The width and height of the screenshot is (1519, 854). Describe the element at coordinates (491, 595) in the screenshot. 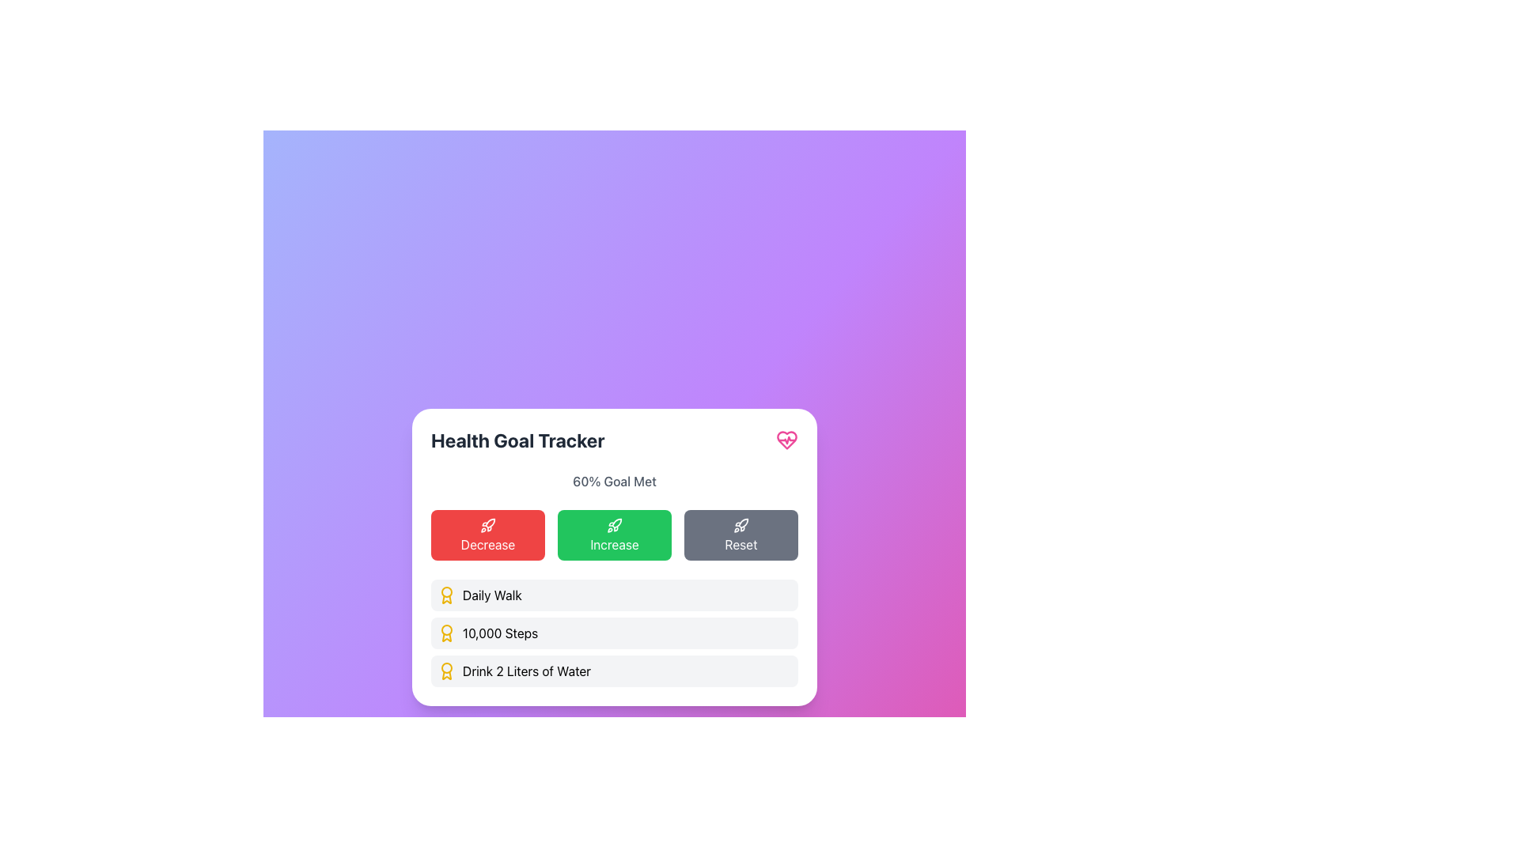

I see `the 'Daily Walk' text label in the health tracker application, which is the second element in a horizontal group below the main section` at that location.